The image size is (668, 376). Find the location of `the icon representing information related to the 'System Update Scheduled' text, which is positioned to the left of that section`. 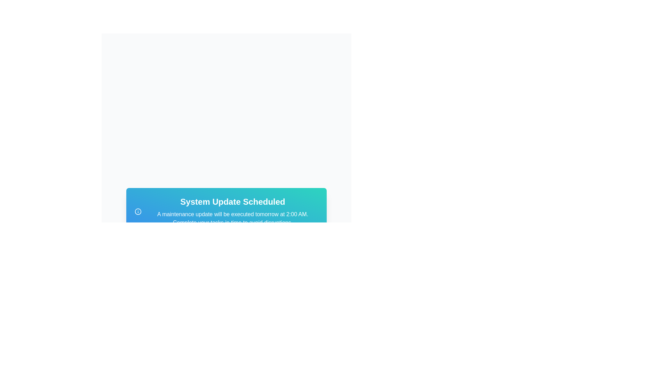

the icon representing information related to the 'System Update Scheduled' text, which is positioned to the left of that section is located at coordinates (138, 211).